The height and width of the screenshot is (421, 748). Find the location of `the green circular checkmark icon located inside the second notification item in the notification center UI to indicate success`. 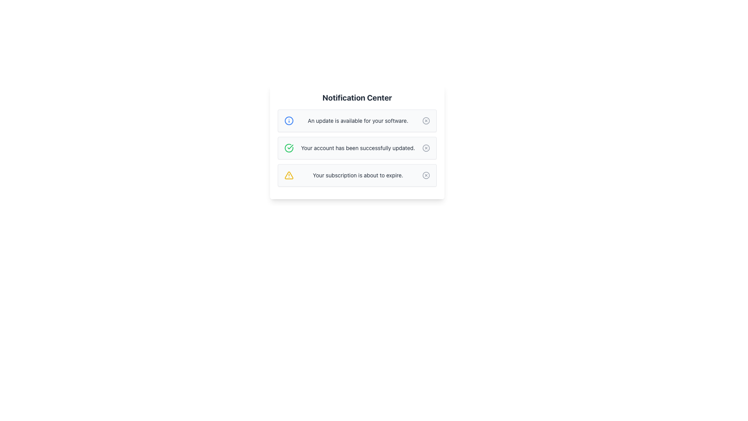

the green circular checkmark icon located inside the second notification item in the notification center UI to indicate success is located at coordinates (290, 147).